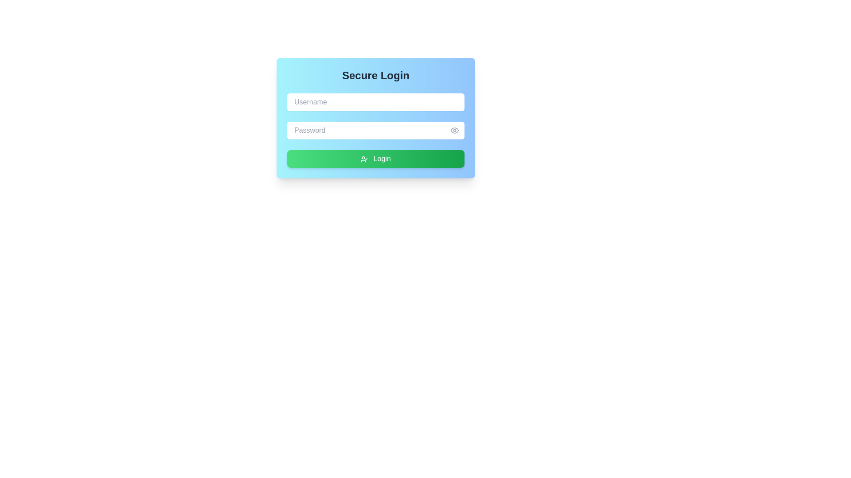 This screenshot has width=851, height=478. What do you see at coordinates (455, 130) in the screenshot?
I see `the eye icon used to toggle or preview the visibility of the password input` at bounding box center [455, 130].